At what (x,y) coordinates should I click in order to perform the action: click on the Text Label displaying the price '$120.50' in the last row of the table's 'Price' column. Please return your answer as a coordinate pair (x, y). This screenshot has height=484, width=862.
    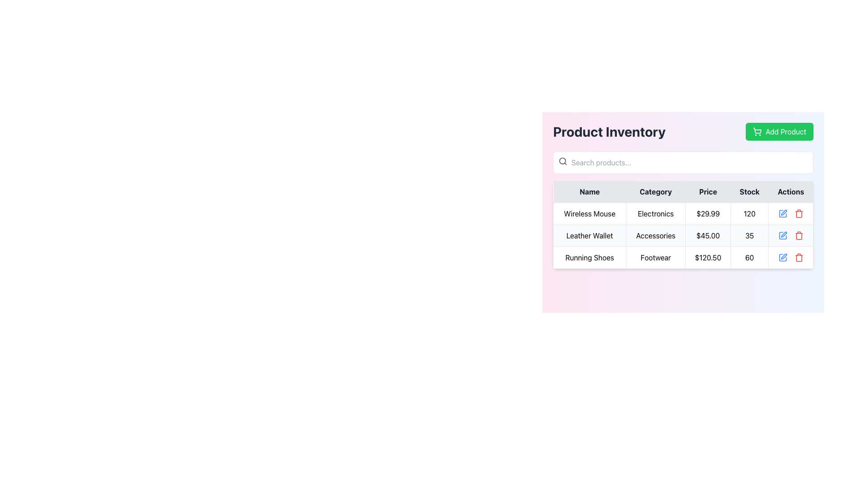
    Looking at the image, I should click on (708, 257).